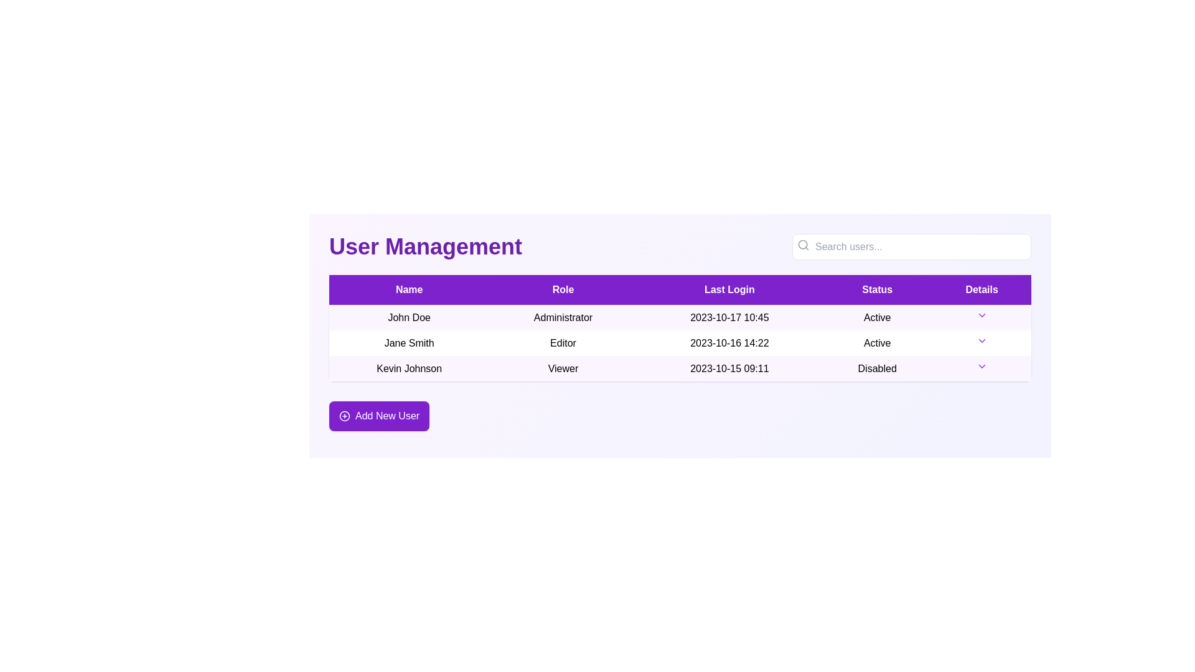 The width and height of the screenshot is (1195, 672). Describe the element at coordinates (562, 343) in the screenshot. I see `the 'Editor' text label in the second column of the second row under the 'Role' column in the table` at that location.